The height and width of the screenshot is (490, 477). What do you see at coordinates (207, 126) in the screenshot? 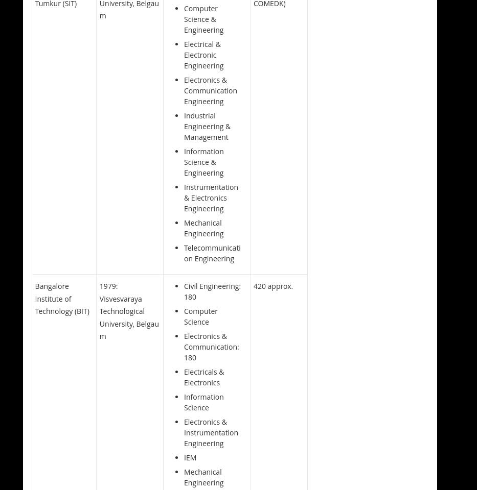
I see `'Industrial Engineering & Management'` at bounding box center [207, 126].